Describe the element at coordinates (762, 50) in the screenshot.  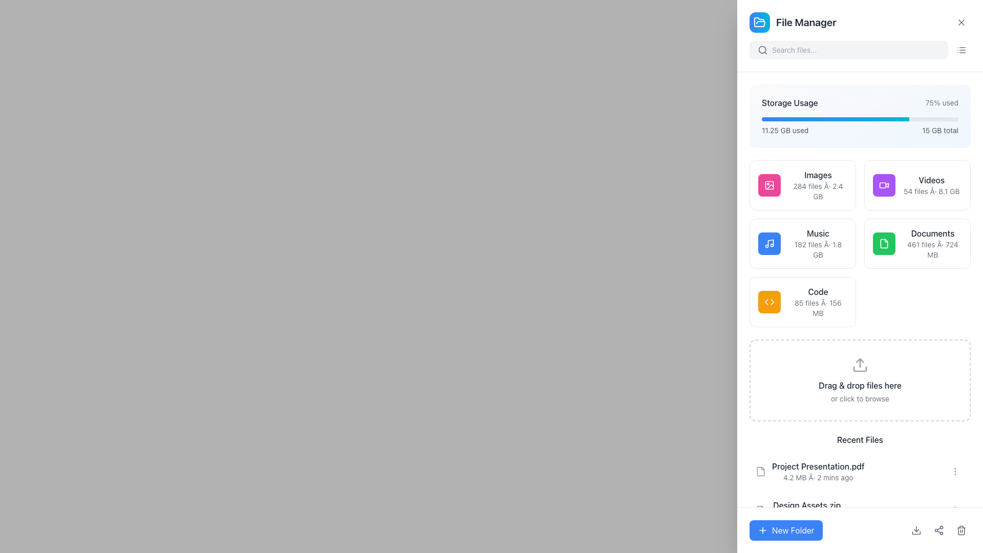
I see `the magnifying glass icon representing the search functionality, located on the left side of the text input field in the search bar` at that location.